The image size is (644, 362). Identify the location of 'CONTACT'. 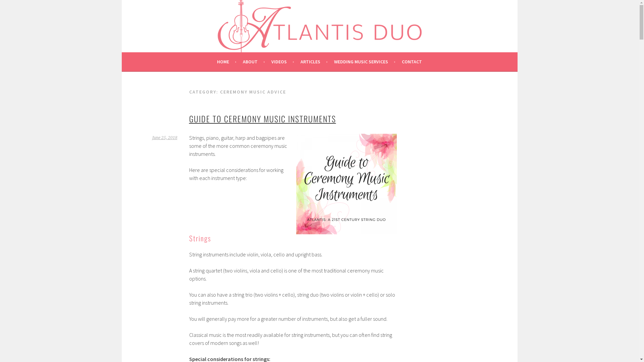
(402, 62).